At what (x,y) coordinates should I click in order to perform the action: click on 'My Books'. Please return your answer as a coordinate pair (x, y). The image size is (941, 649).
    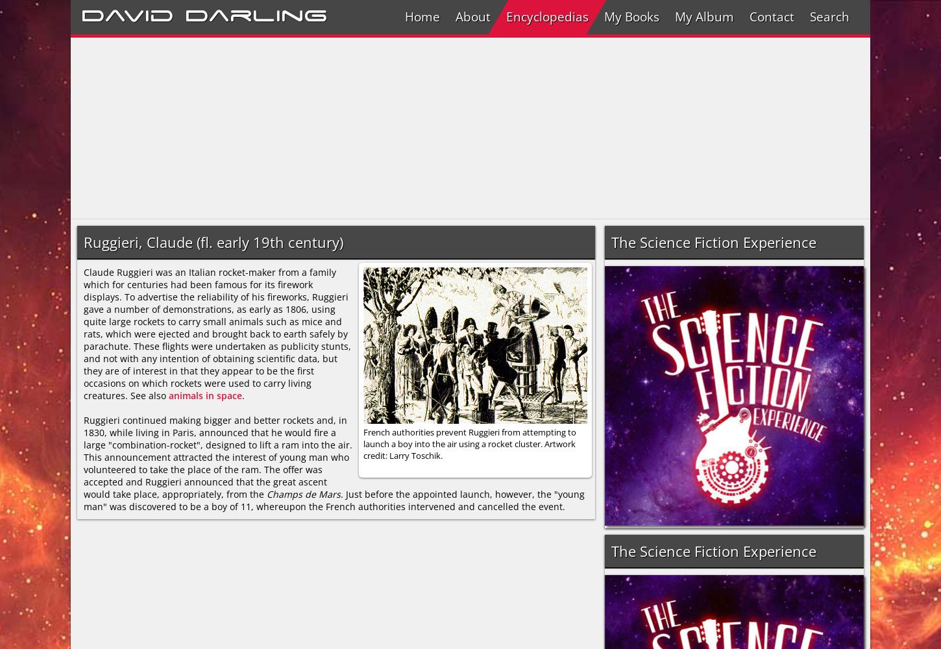
    Looking at the image, I should click on (631, 17).